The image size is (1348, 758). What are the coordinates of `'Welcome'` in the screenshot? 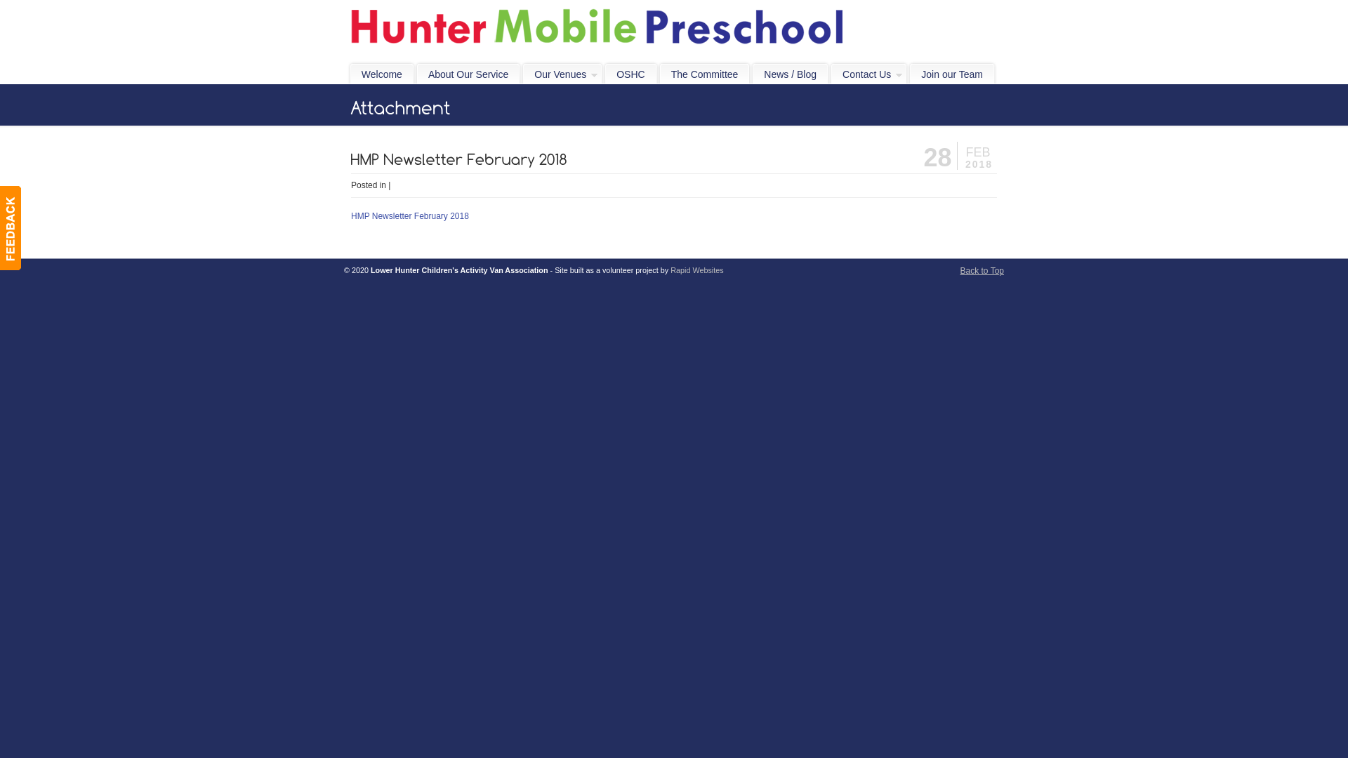 It's located at (381, 74).